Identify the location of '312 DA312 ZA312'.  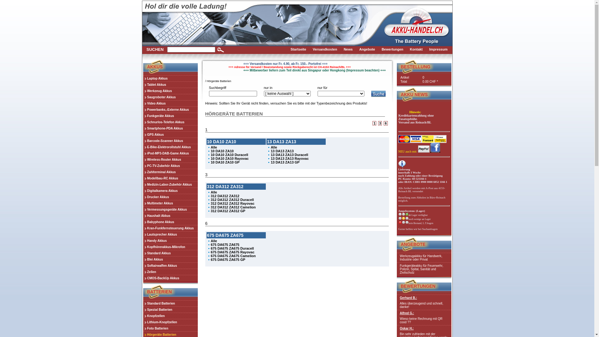
(225, 196).